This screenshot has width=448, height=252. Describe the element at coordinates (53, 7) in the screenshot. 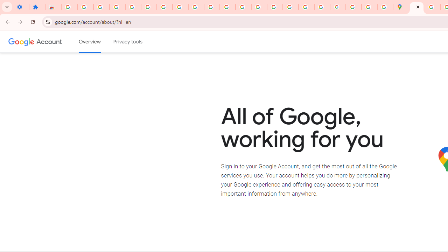

I see `'Reviews: Helix Fruit Jump Arcade Game'` at that location.